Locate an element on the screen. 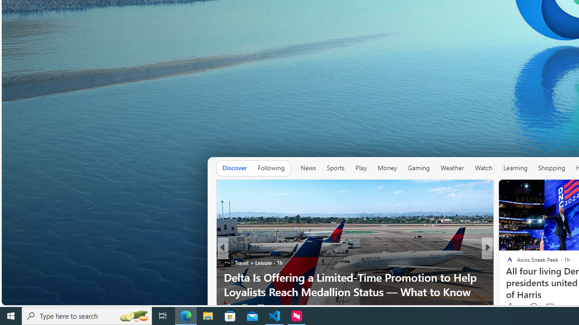 Image resolution: width=579 pixels, height=325 pixels. 'View comments 13 Comment' is located at coordinates (550, 307).